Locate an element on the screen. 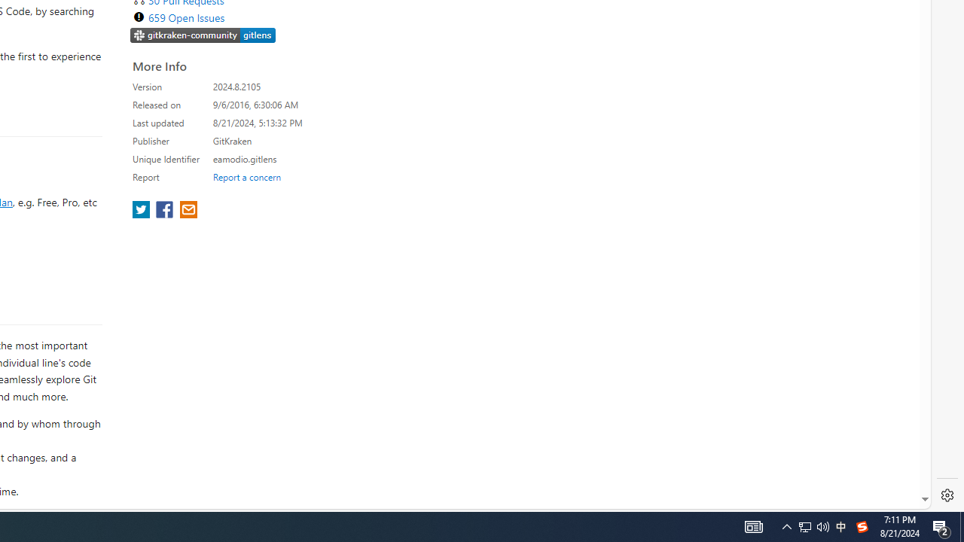 This screenshot has width=964, height=542. 'https://slack.gitkraken.com//' is located at coordinates (203, 34).